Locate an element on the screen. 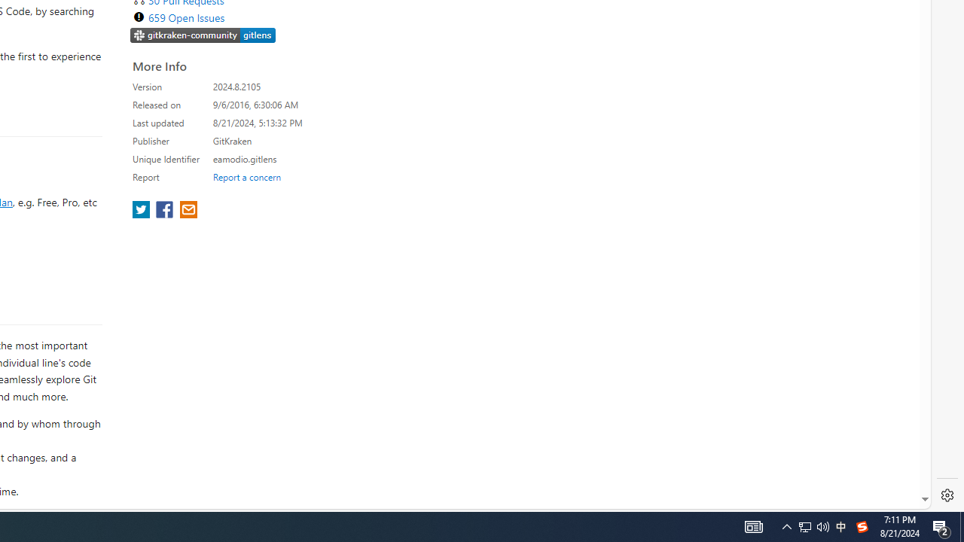 This screenshot has width=964, height=542. 'https://slack.gitkraken.com//' is located at coordinates (203, 34).